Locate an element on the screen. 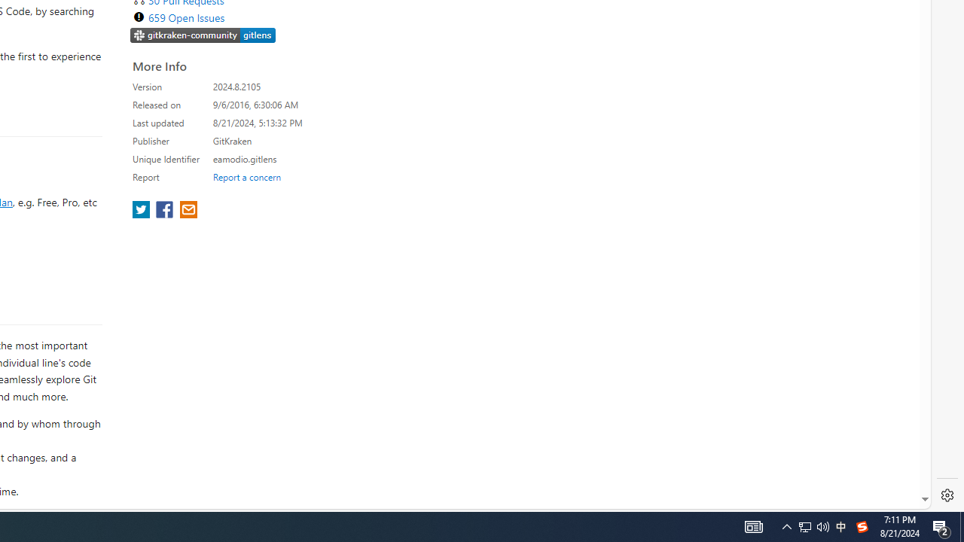 This screenshot has width=964, height=542. 'https://slack.gitkraken.com//' is located at coordinates (203, 34).